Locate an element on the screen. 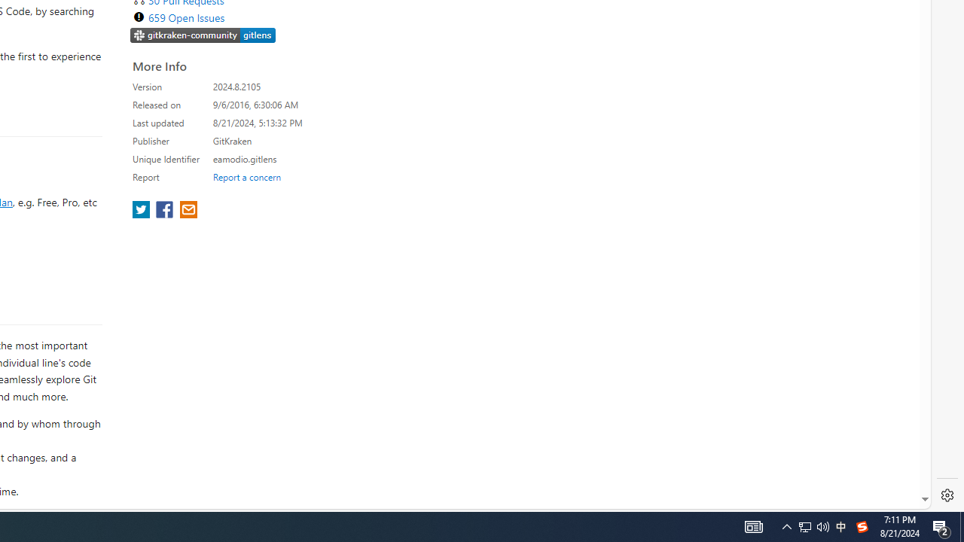 This screenshot has width=964, height=542. 'https://slack.gitkraken.com//' is located at coordinates (203, 34).